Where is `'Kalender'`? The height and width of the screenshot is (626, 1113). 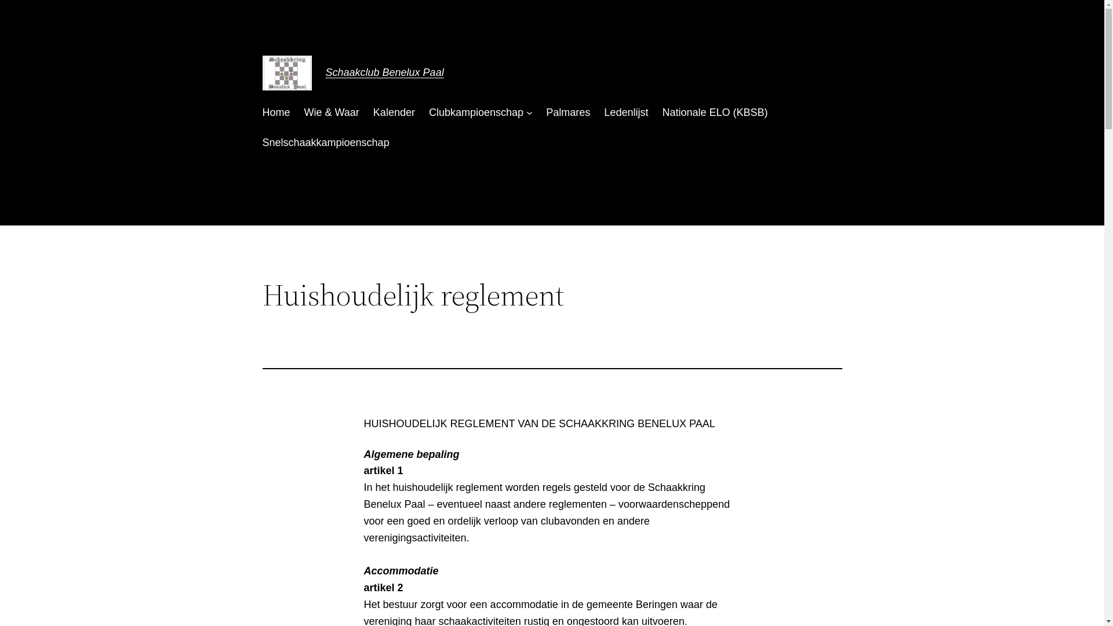
'Kalender' is located at coordinates (394, 112).